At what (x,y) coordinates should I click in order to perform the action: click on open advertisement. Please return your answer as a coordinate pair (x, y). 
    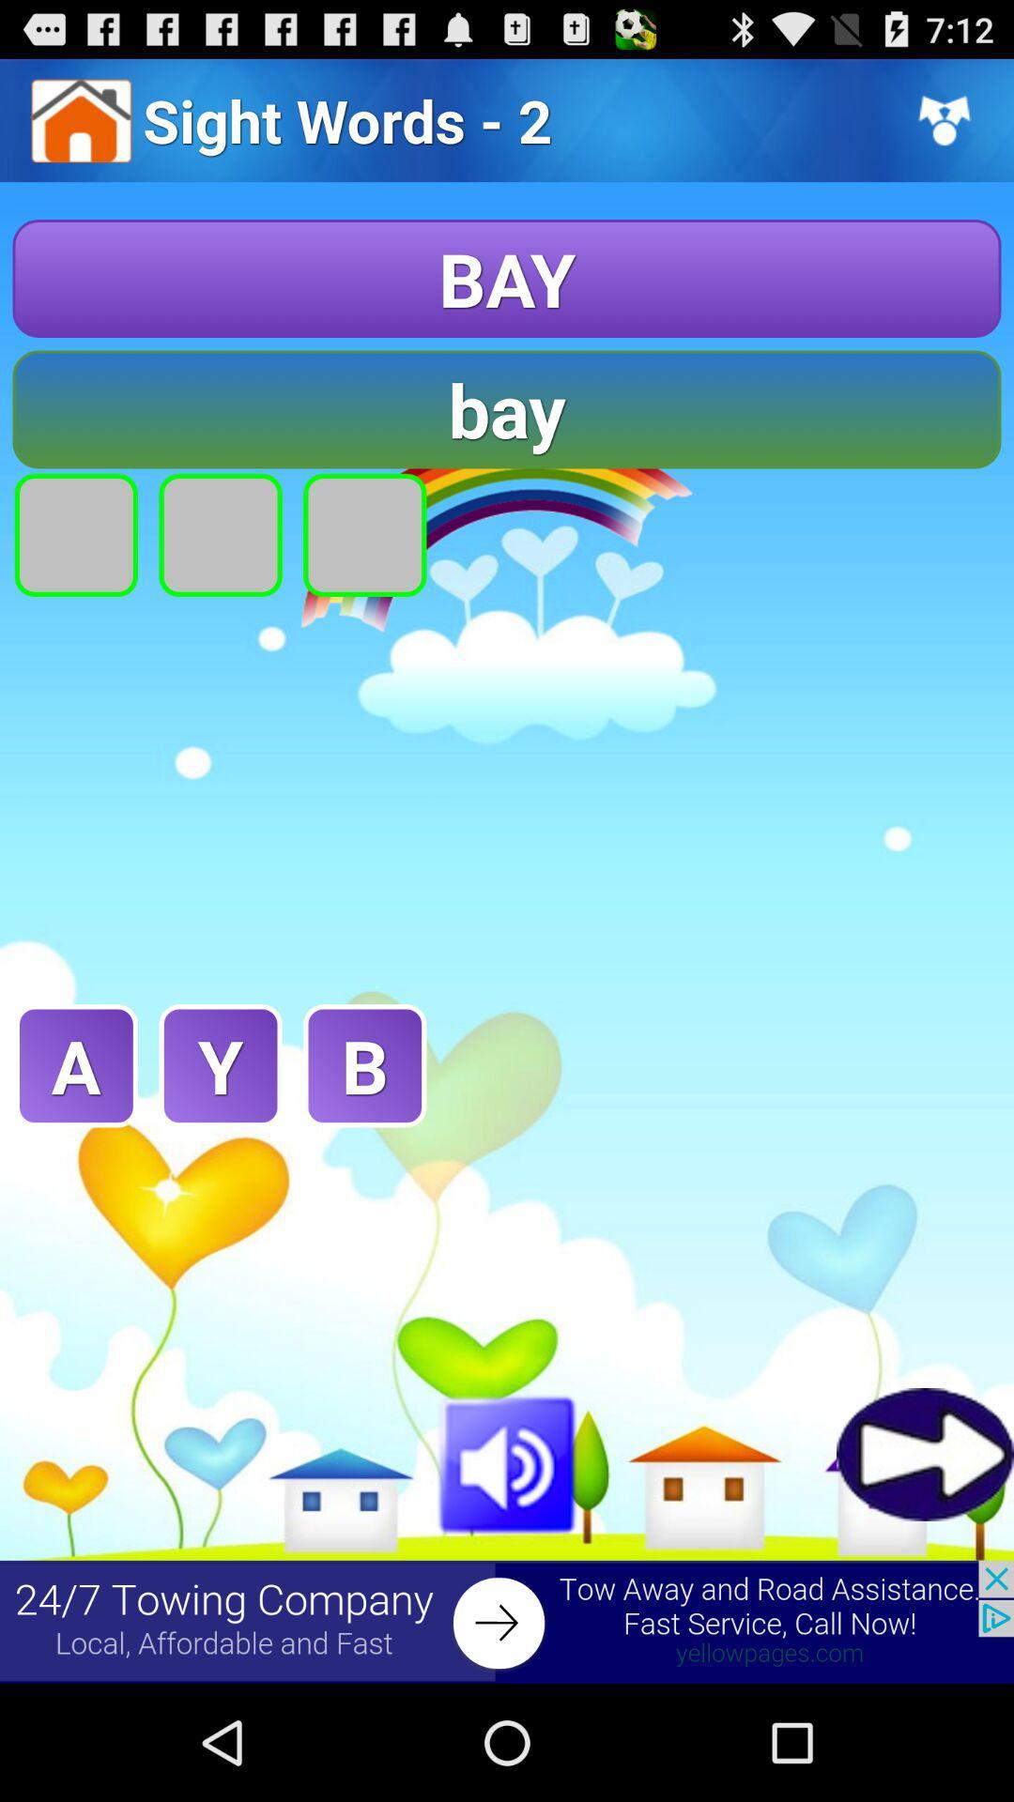
    Looking at the image, I should click on (507, 1621).